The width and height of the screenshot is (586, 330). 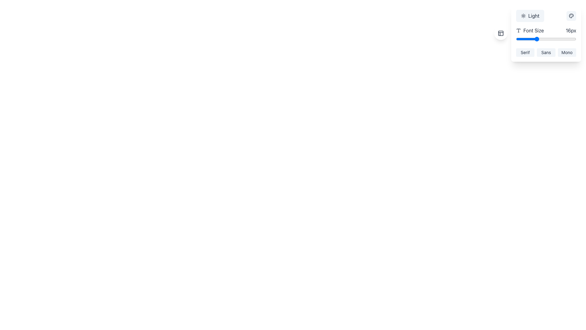 What do you see at coordinates (546, 33) in the screenshot?
I see `the toggle located at the top of the Settings panel to change the theme between light and dark modes` at bounding box center [546, 33].